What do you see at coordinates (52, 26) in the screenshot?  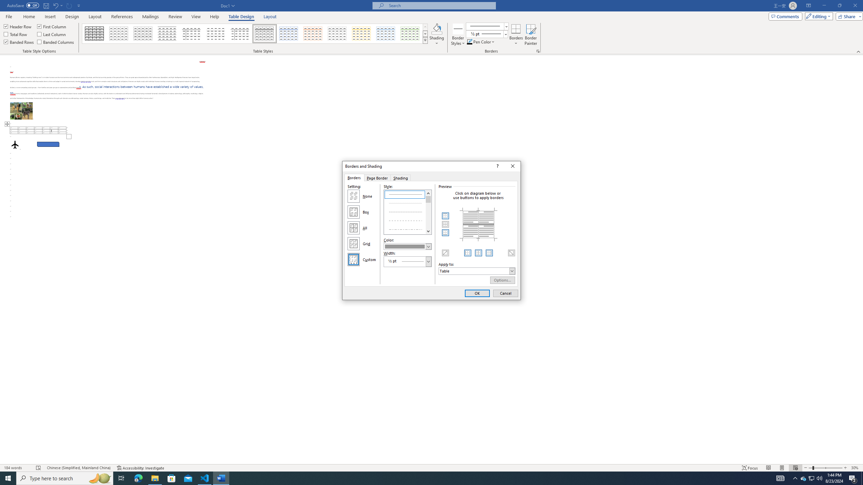 I see `'First Column'` at bounding box center [52, 26].